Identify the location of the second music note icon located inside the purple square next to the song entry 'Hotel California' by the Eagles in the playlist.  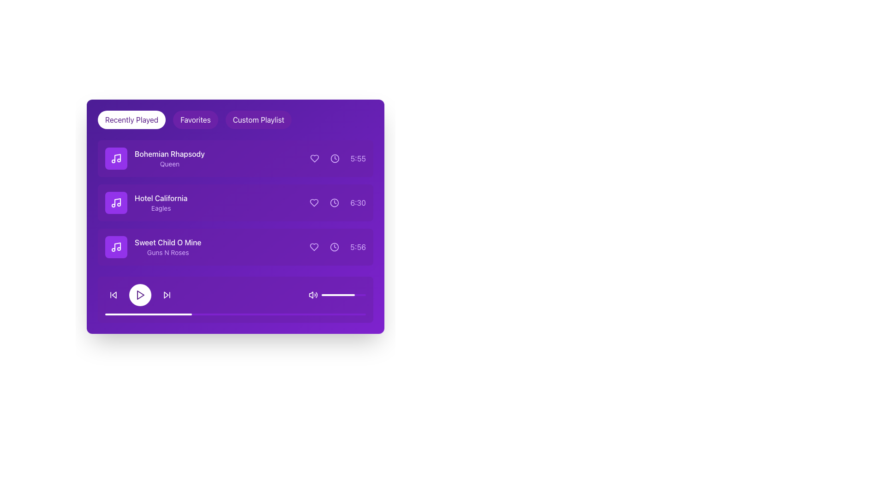
(116, 202).